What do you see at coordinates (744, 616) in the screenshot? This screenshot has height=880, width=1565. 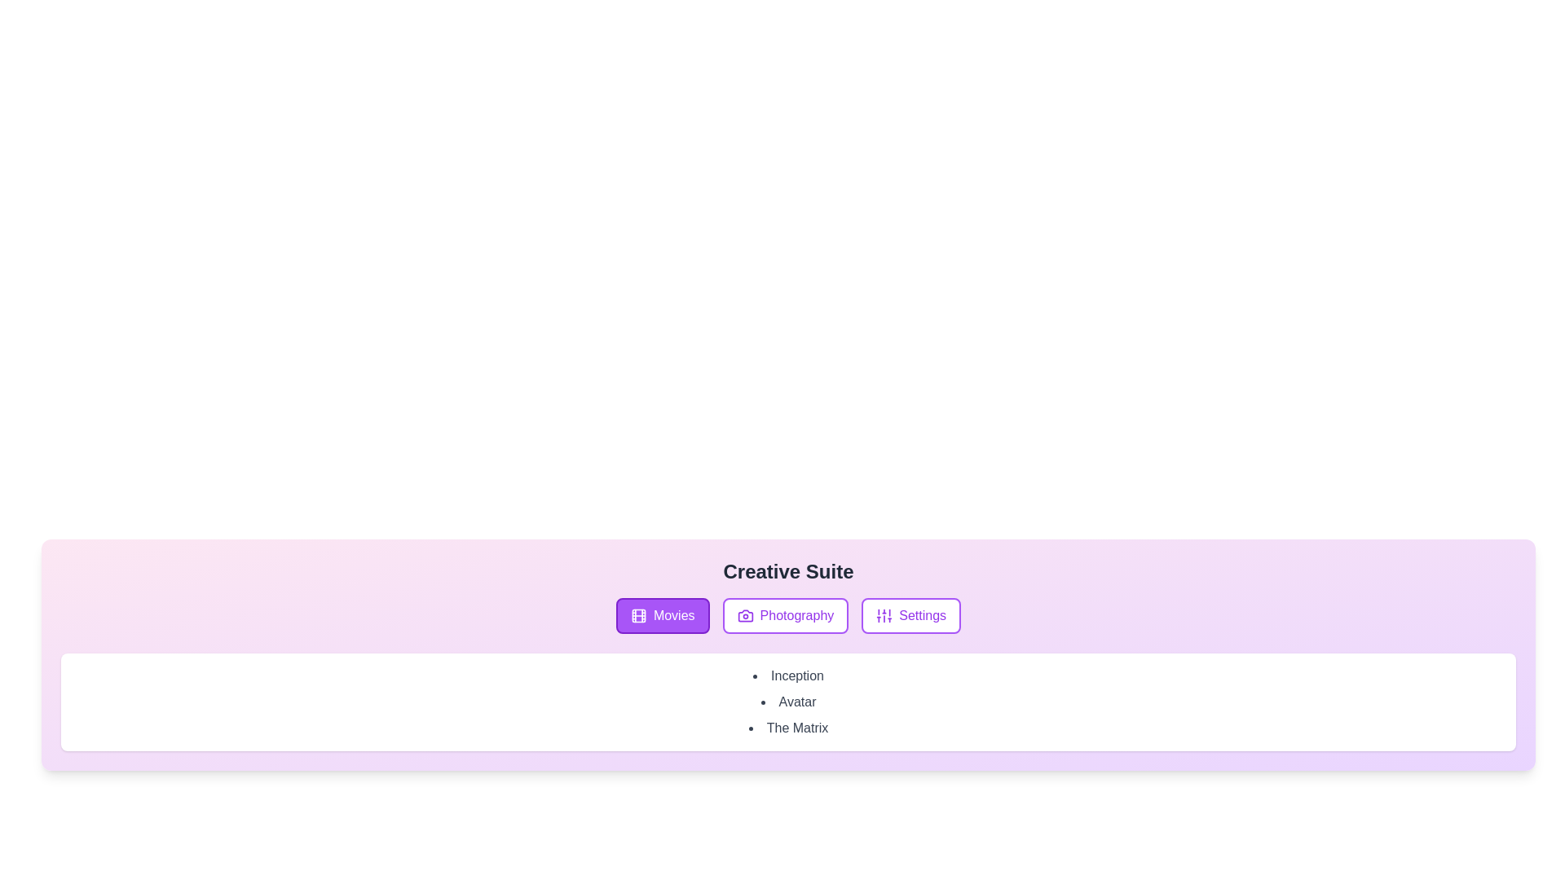 I see `the camera icon located to the left of the 'Photography' label within the button on the middle of the page` at bounding box center [744, 616].